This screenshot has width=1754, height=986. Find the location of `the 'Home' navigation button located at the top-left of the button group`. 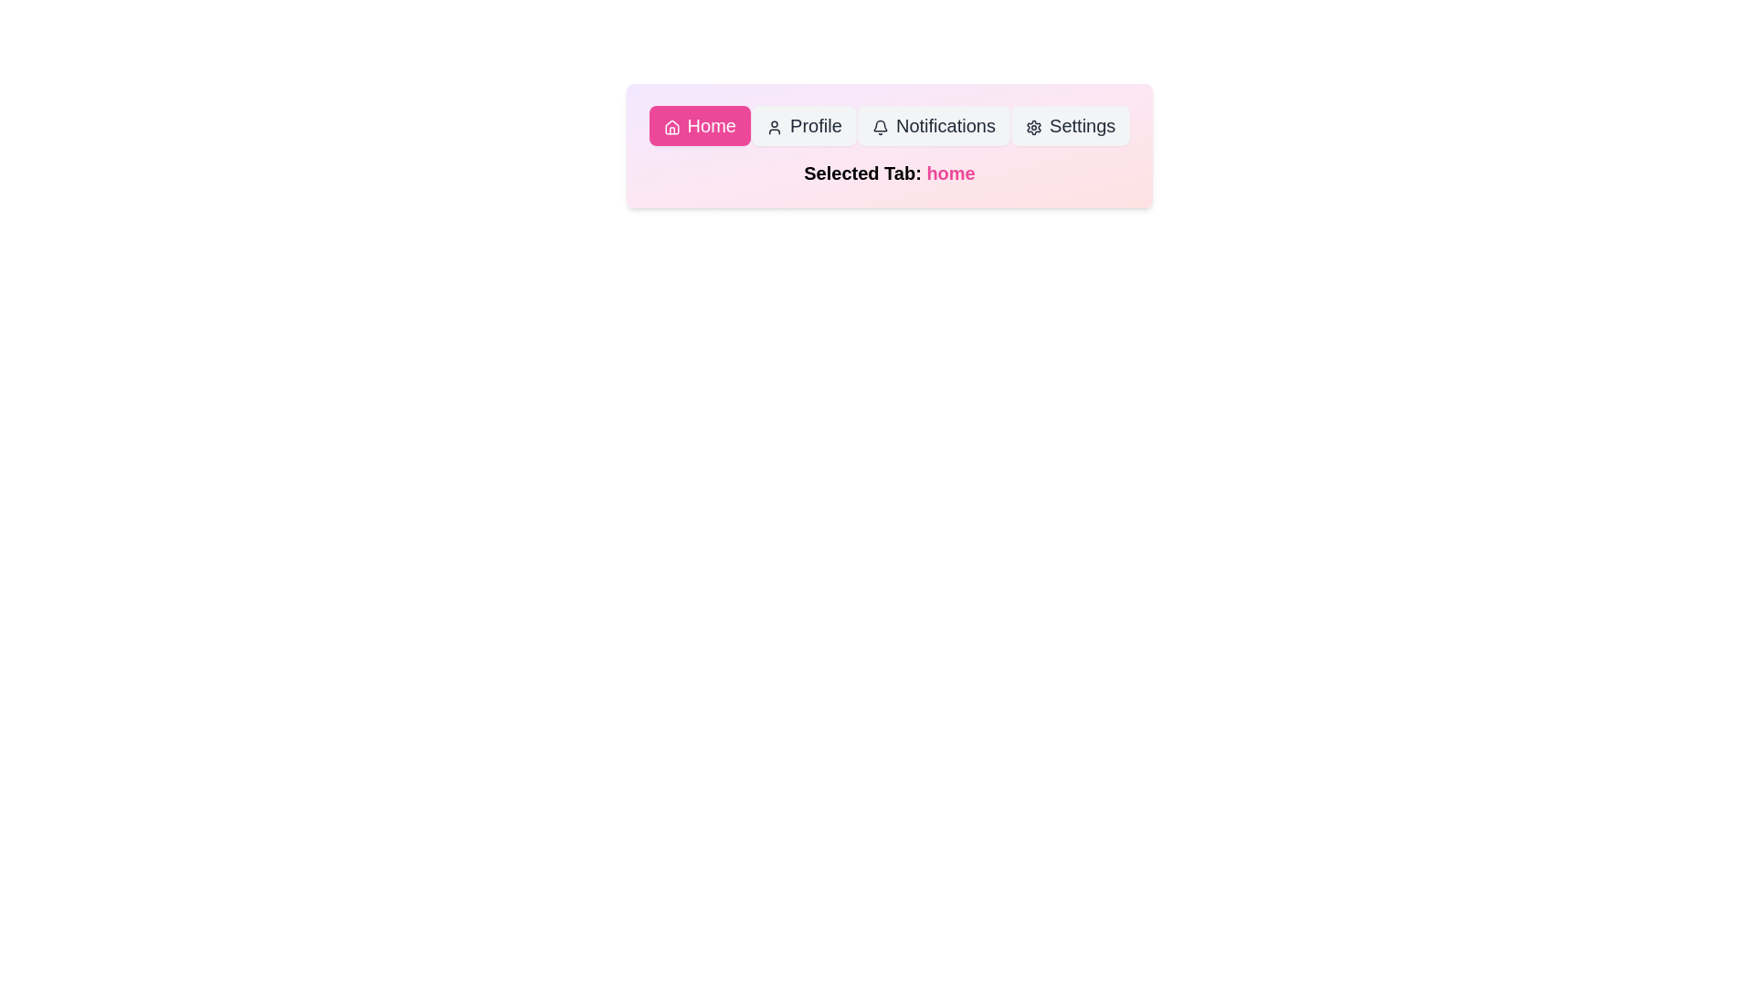

the 'Home' navigation button located at the top-left of the button group is located at coordinates (699, 125).